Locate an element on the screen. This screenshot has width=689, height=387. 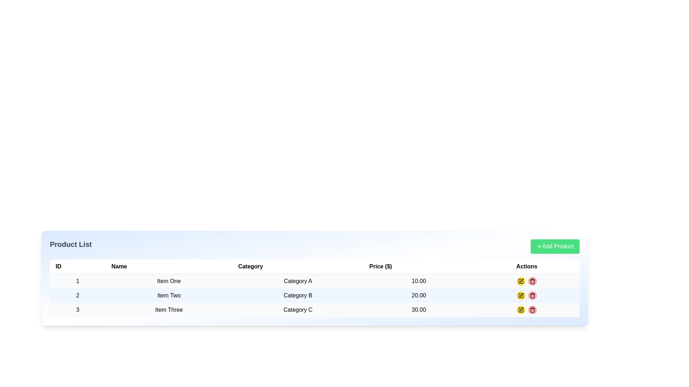
the circular red button with a trash can icon is located at coordinates (533, 309).